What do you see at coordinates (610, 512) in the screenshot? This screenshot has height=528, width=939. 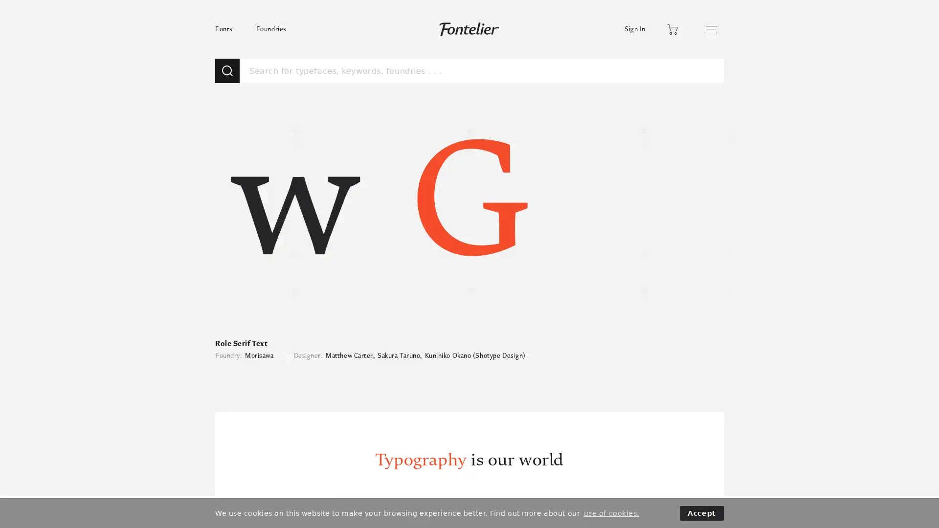 I see `learn more about cookies` at bounding box center [610, 512].